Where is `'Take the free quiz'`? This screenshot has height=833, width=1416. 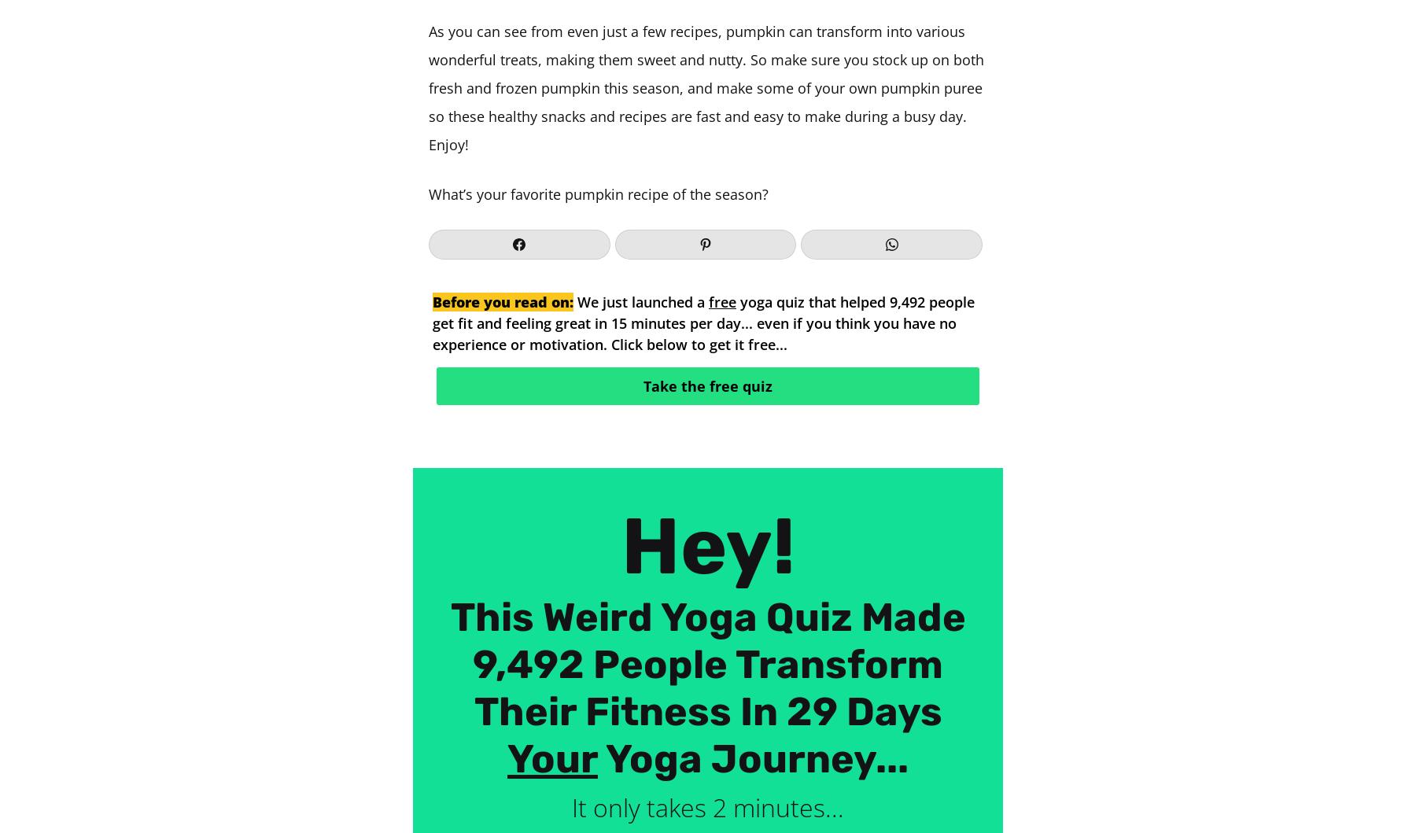 'Take the free quiz' is located at coordinates (643, 385).